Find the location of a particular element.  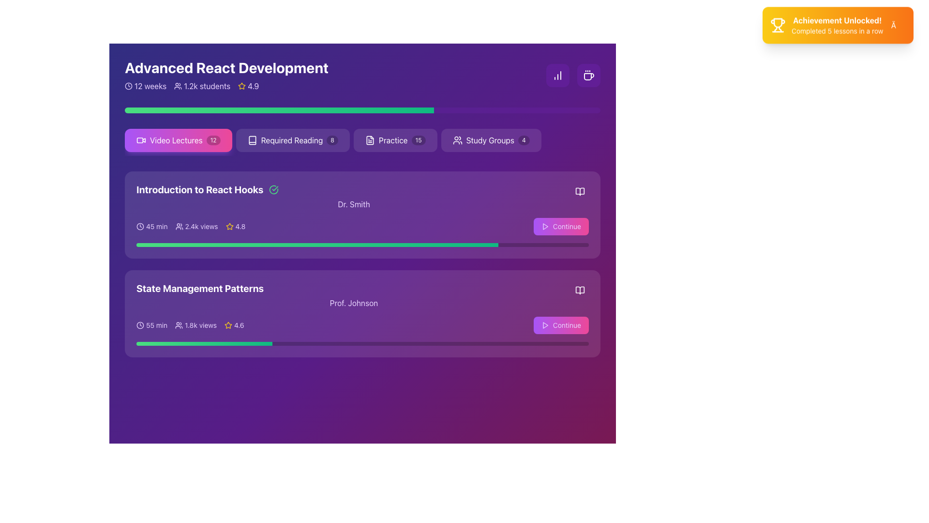

the static informational text displaying '12 weeks' with a clock icon, located at the top-left corner under 'Advanced React Development' is located at coordinates (145, 85).